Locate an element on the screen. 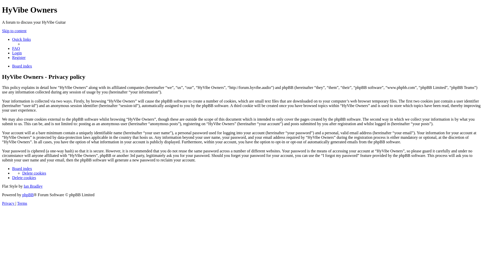 Image resolution: width=485 pixels, height=272 pixels. 'Ian Bradley' is located at coordinates (33, 186).